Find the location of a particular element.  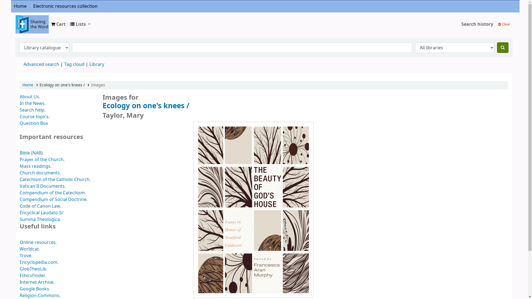

'Electronic resources collection' is located at coordinates (65, 6).